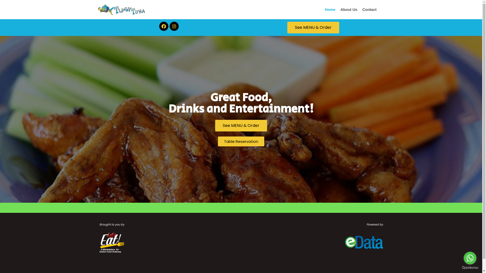  What do you see at coordinates (5, 11) in the screenshot?
I see `'Skip to content'` at bounding box center [5, 11].